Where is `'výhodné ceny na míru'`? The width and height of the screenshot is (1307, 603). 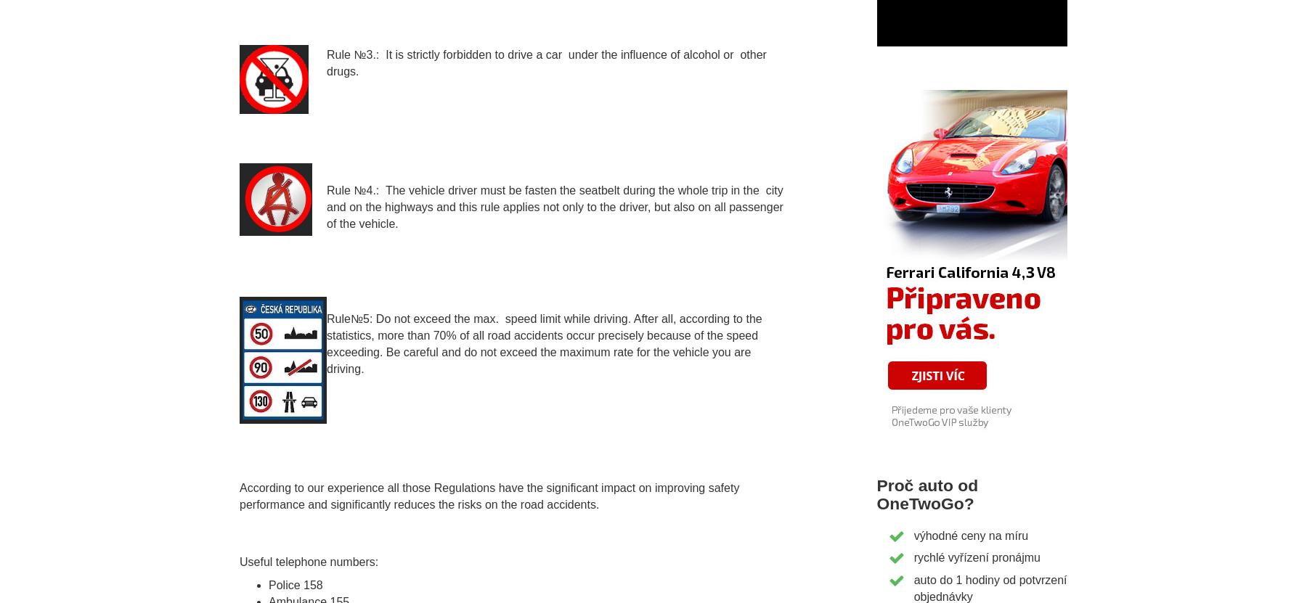
'výhodné ceny na míru' is located at coordinates (971, 534).